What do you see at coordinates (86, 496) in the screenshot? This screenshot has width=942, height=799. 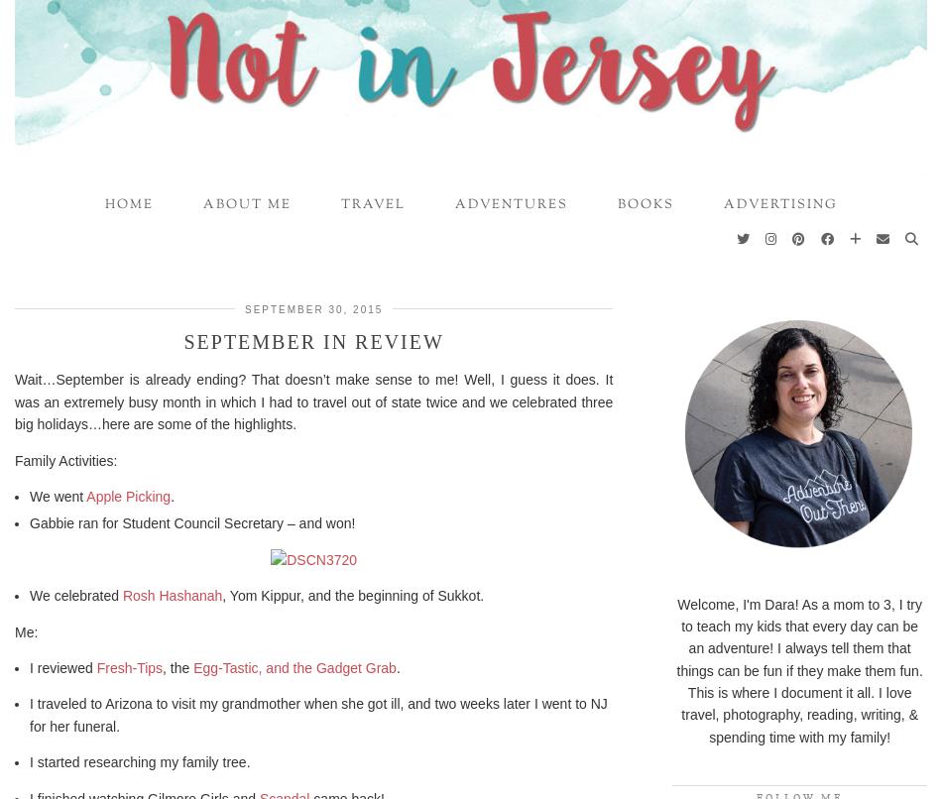 I see `'Apple Picking'` at bounding box center [86, 496].